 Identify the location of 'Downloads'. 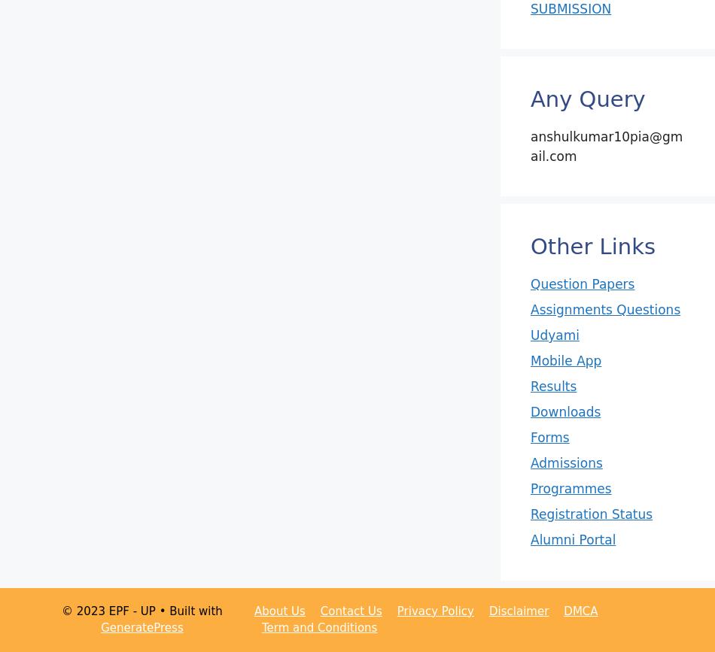
(564, 411).